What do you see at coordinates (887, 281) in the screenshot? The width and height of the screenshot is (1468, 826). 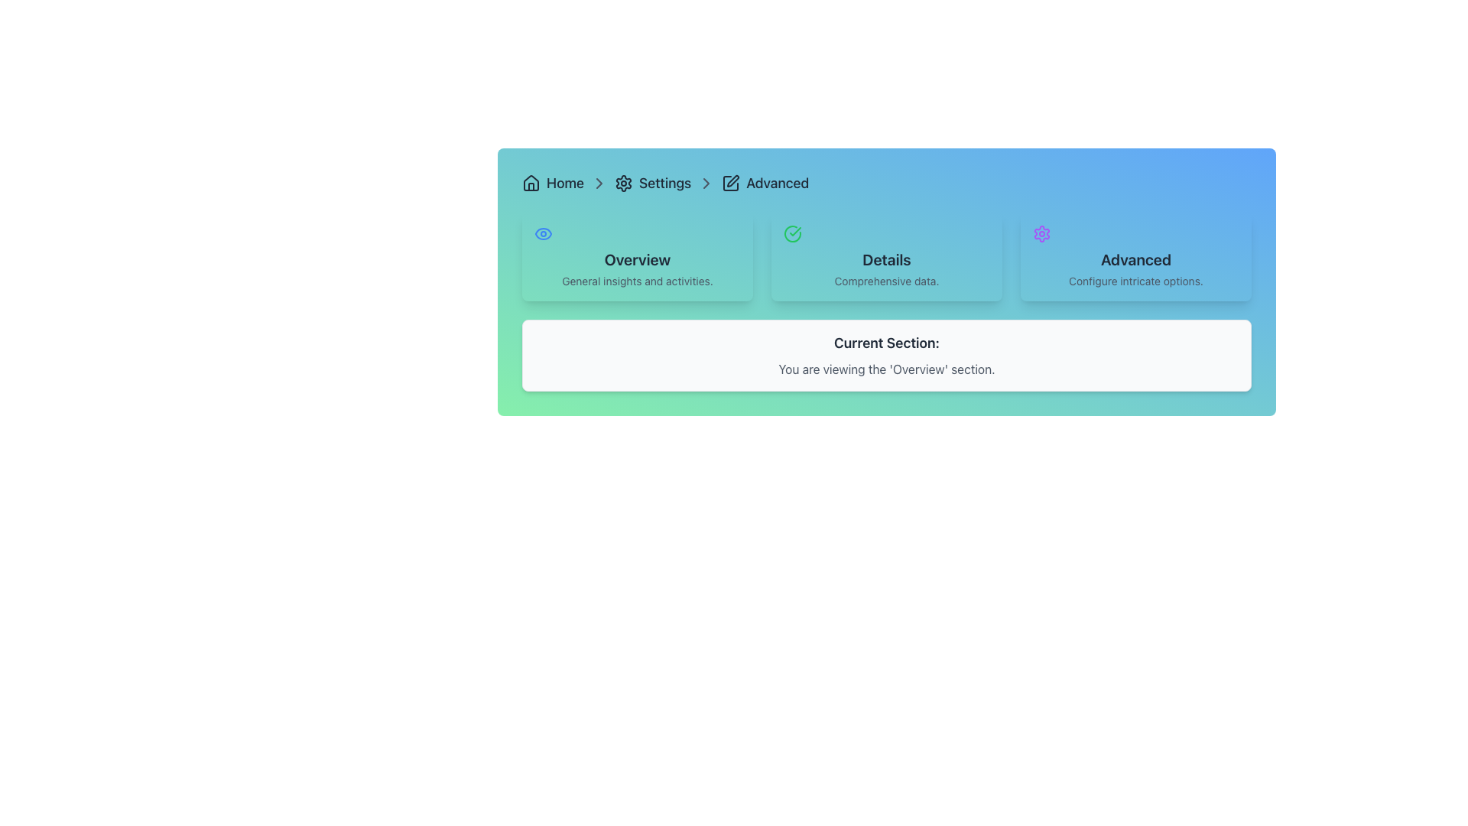 I see `the static text label reading 'Comprehensive data.' which is positioned below the bold text 'Details' within a shadowed rectangular card in the middle of a three-card layout` at bounding box center [887, 281].